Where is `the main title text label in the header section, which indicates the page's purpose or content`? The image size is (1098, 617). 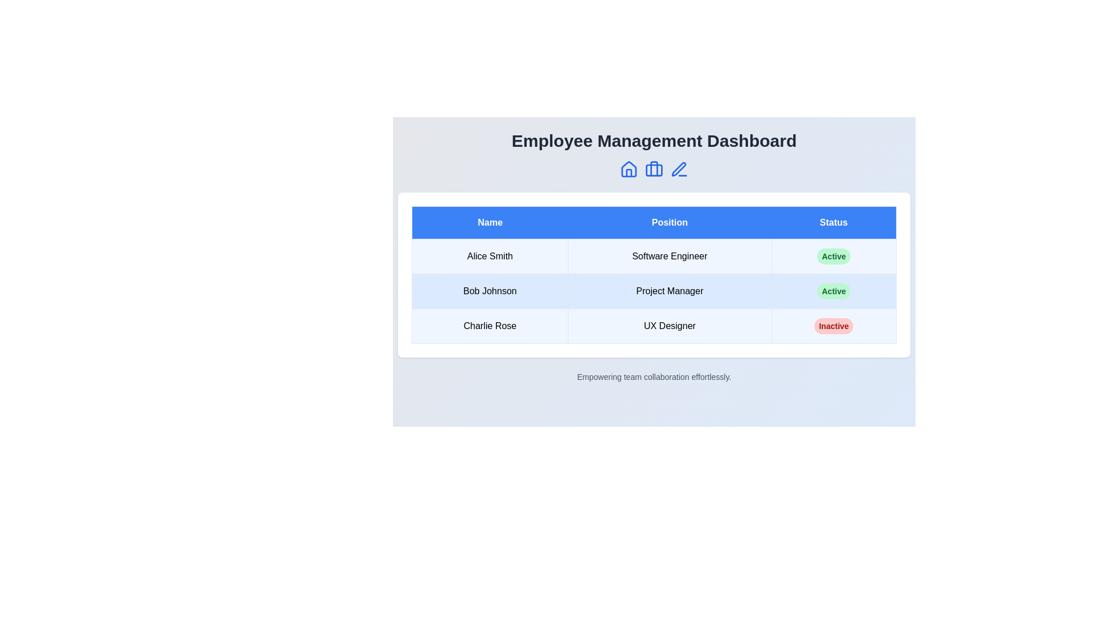
the main title text label in the header section, which indicates the page's purpose or content is located at coordinates (654, 140).